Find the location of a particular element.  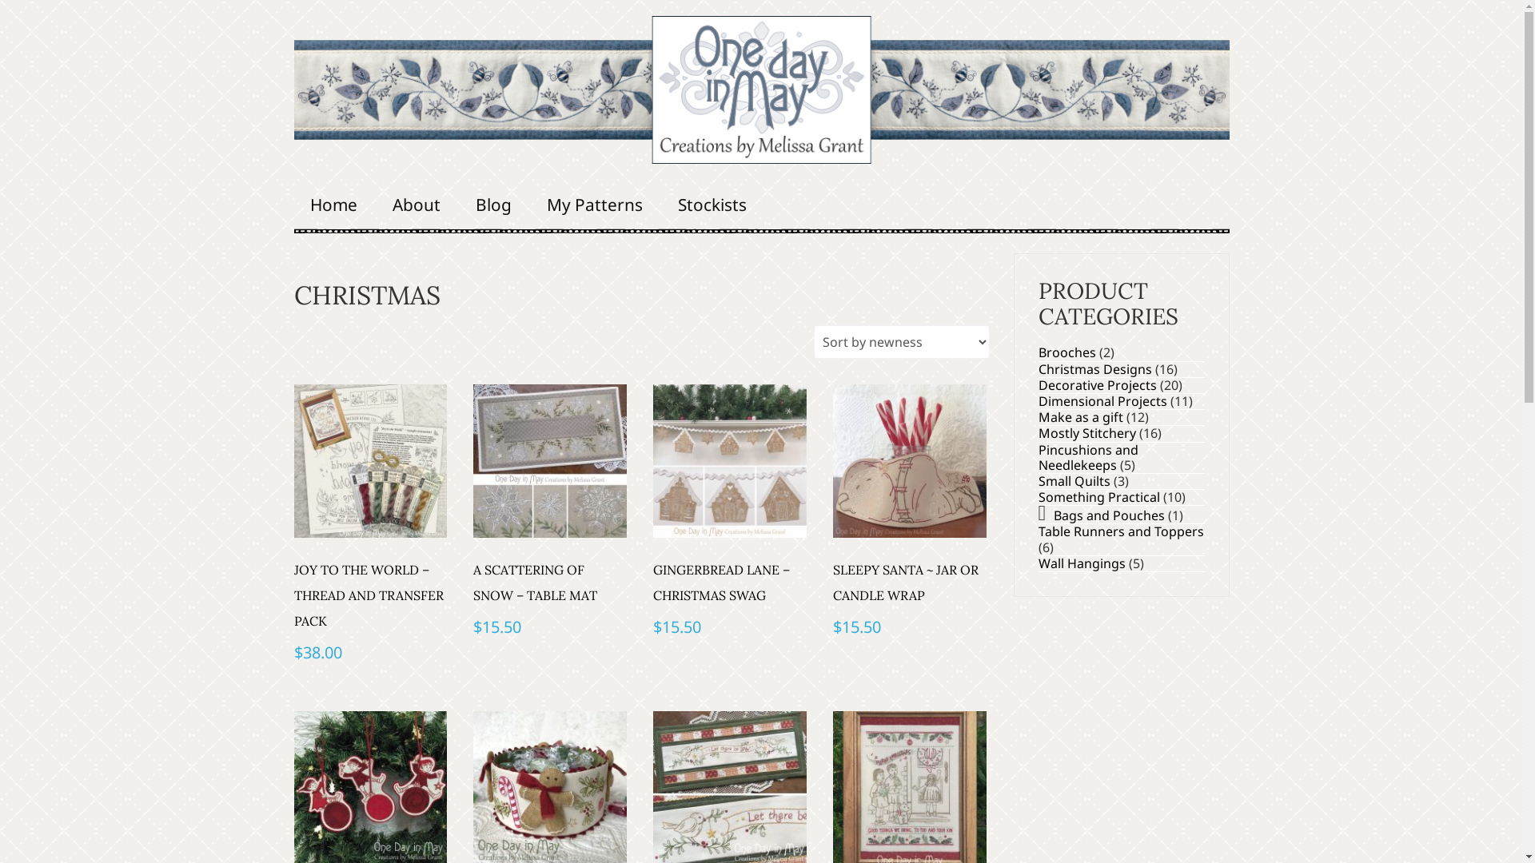

'Blog' is located at coordinates (458, 203).